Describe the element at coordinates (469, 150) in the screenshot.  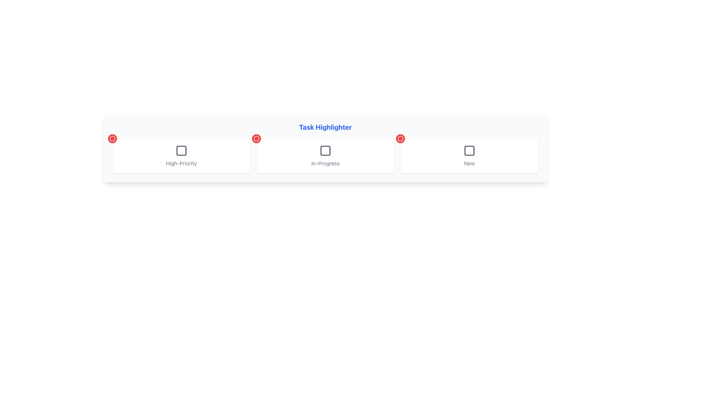
I see `the last square SVG icon in a row of three, located in the rightmost section below the 'Task Highlighter' heading` at that location.